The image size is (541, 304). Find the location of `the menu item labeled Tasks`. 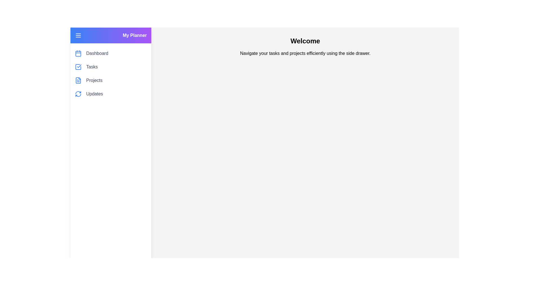

the menu item labeled Tasks is located at coordinates (92, 67).